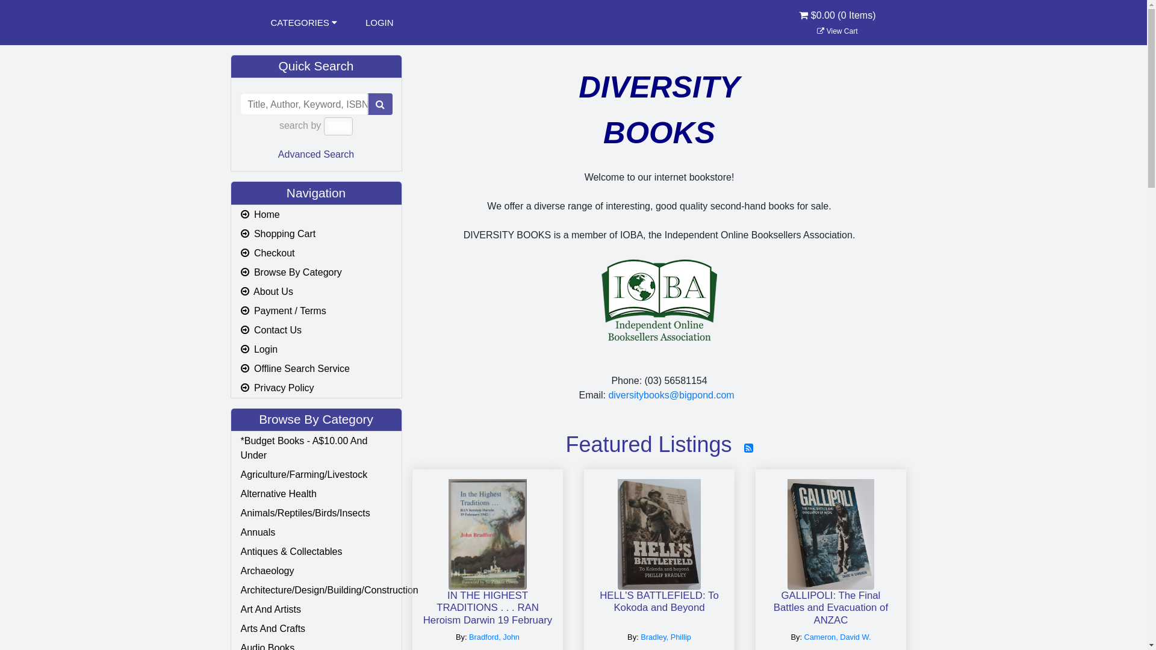 The image size is (1156, 650). I want to click on ' Offline Search Service', so click(316, 368).